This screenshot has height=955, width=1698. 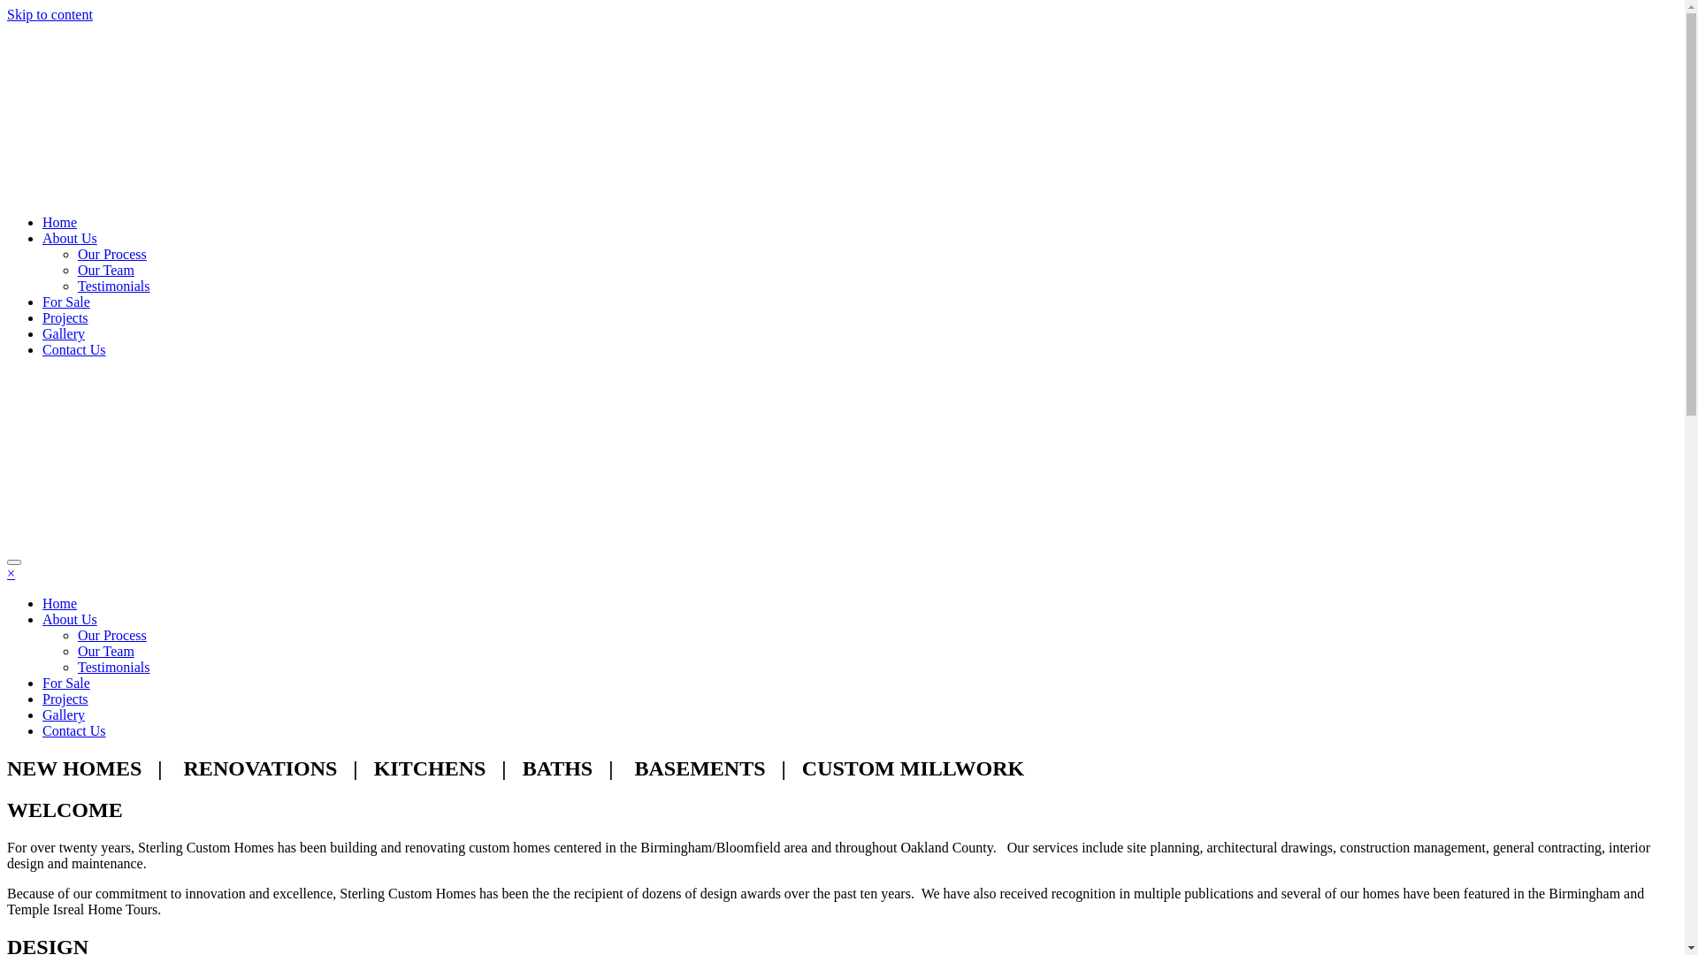 I want to click on 'Contact Us', so click(x=73, y=349).